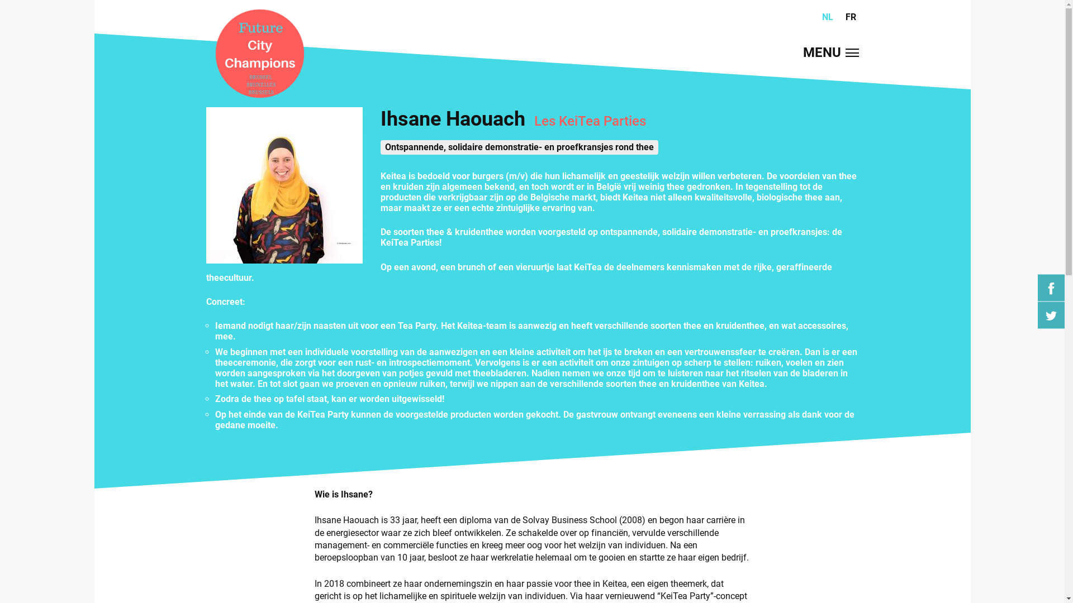 This screenshot has width=1073, height=603. Describe the element at coordinates (1051, 314) in the screenshot. I see `'twitter'` at that location.